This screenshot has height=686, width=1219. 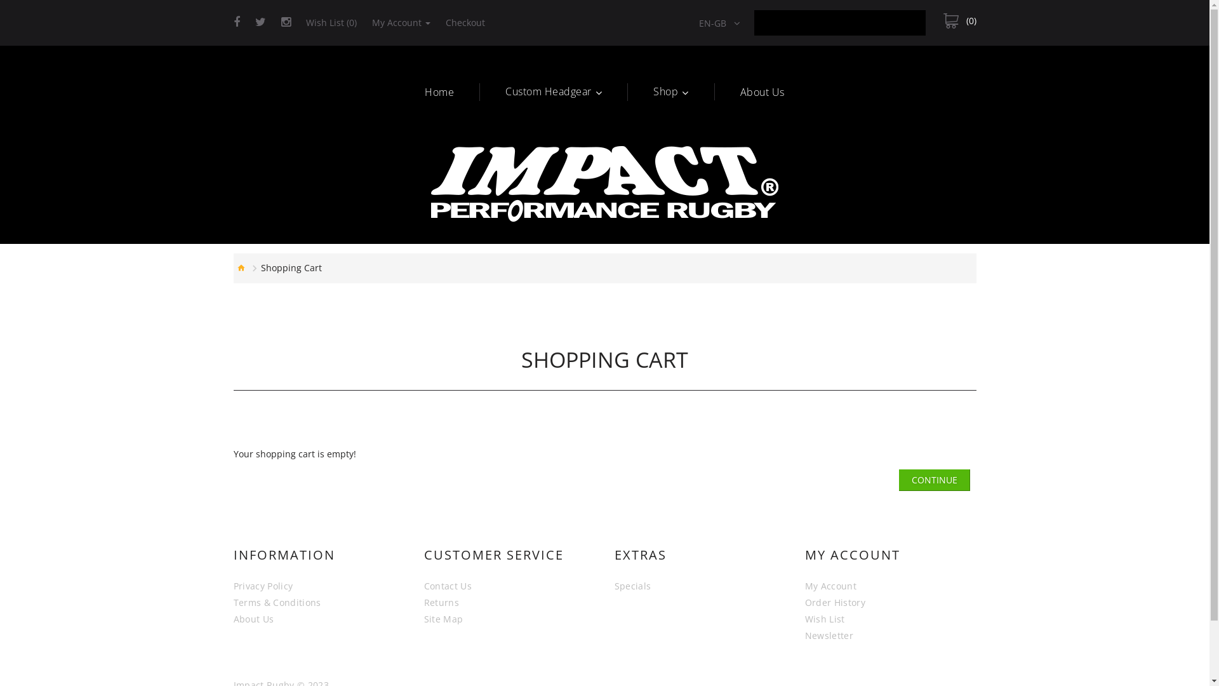 What do you see at coordinates (234, 602) in the screenshot?
I see `'Terms & Conditions'` at bounding box center [234, 602].